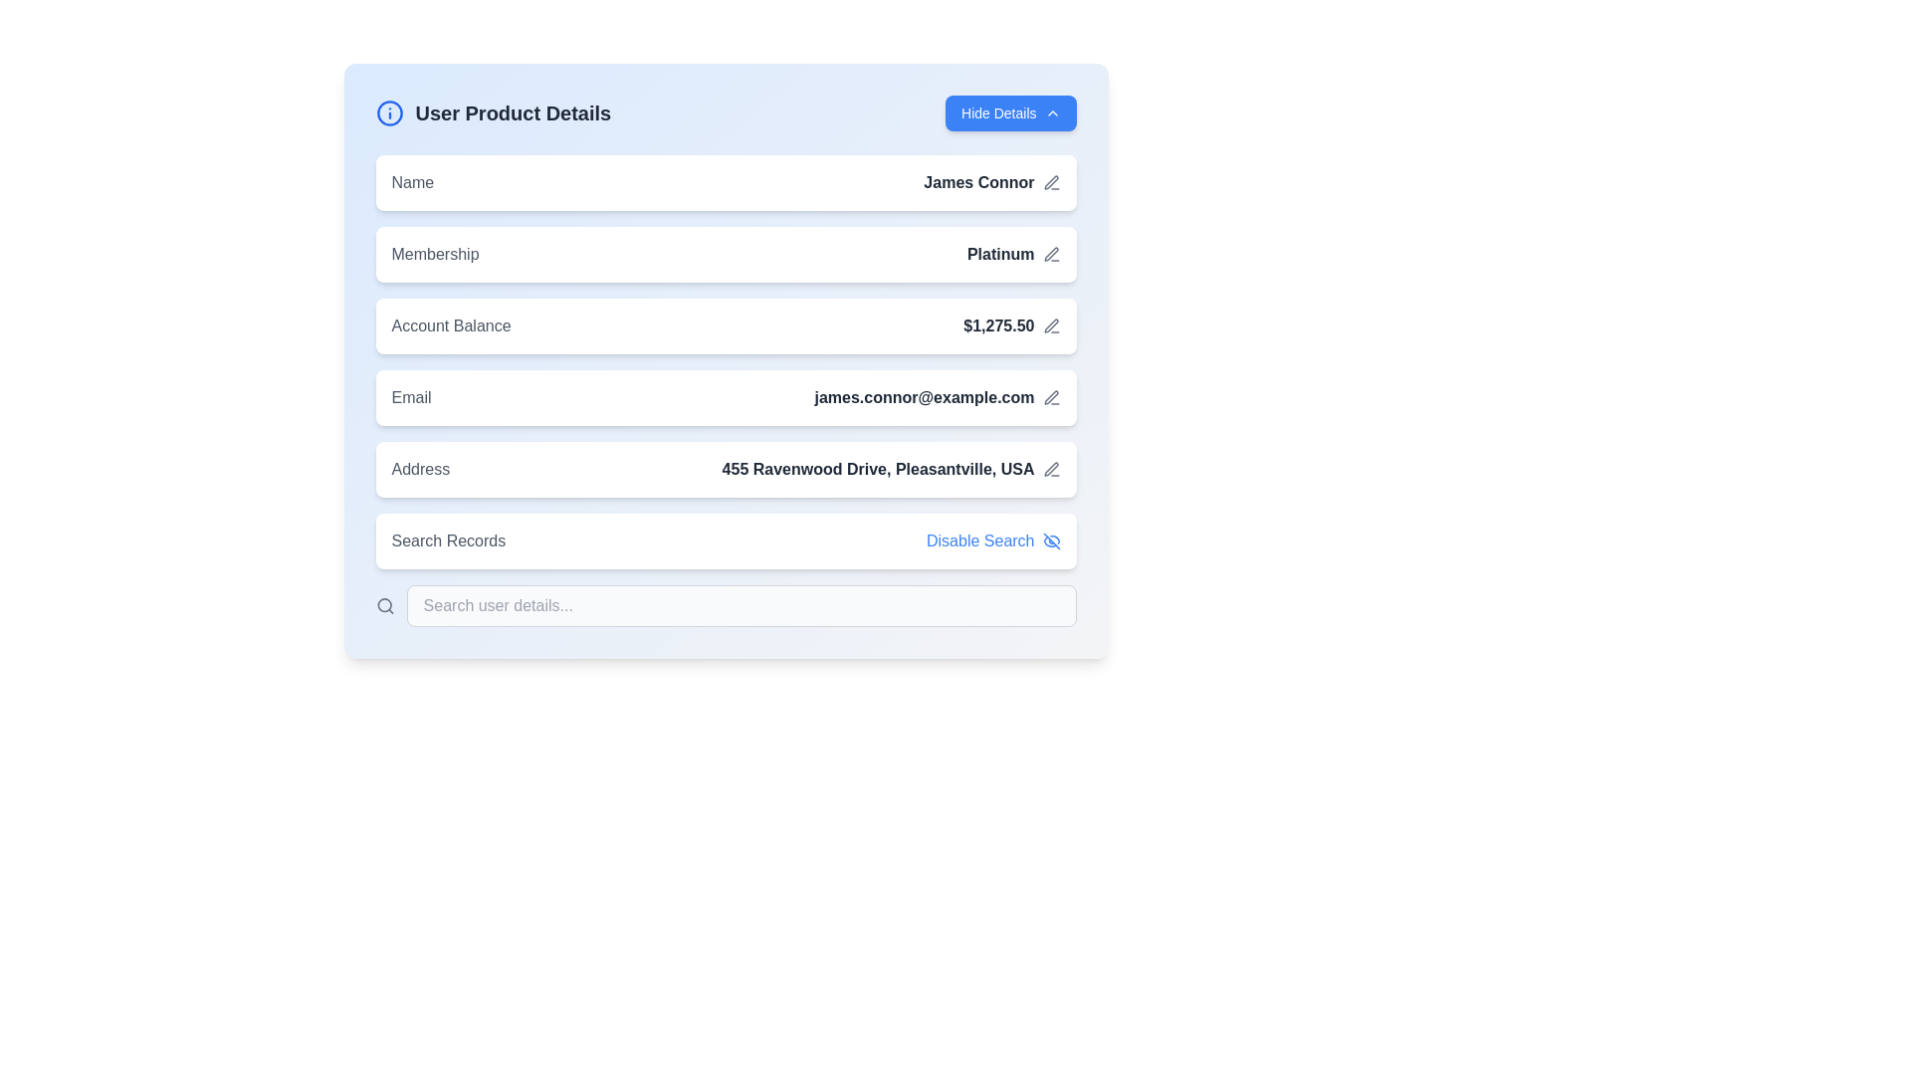 The width and height of the screenshot is (1911, 1075). I want to click on the edit action icon located at the far right edge of the 'Account Balance' row, so click(1050, 253).